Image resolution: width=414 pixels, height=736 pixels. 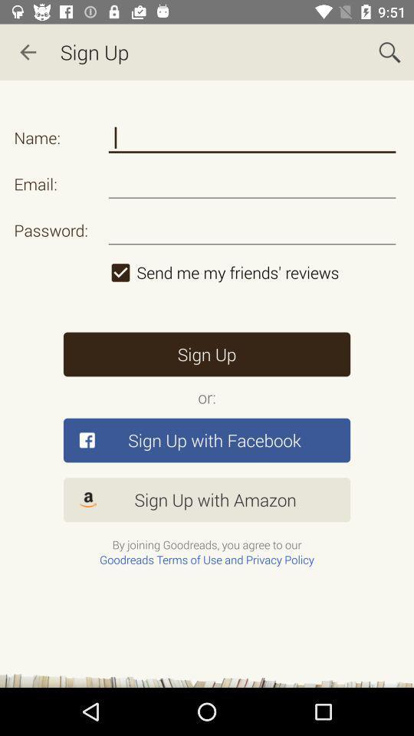 What do you see at coordinates (252, 229) in the screenshot?
I see `password` at bounding box center [252, 229].